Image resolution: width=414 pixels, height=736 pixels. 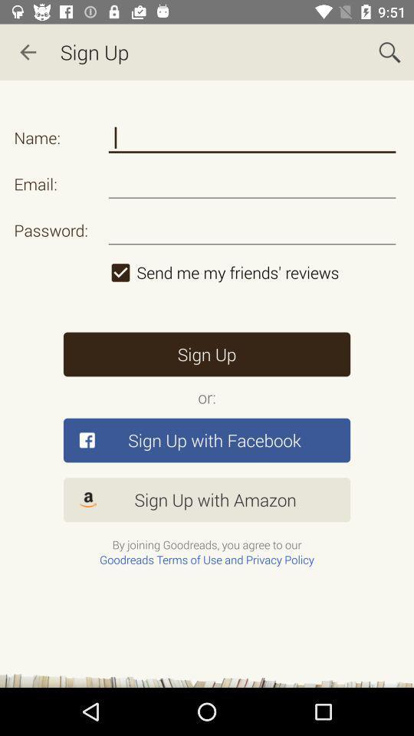 What do you see at coordinates (252, 229) in the screenshot?
I see `password` at bounding box center [252, 229].